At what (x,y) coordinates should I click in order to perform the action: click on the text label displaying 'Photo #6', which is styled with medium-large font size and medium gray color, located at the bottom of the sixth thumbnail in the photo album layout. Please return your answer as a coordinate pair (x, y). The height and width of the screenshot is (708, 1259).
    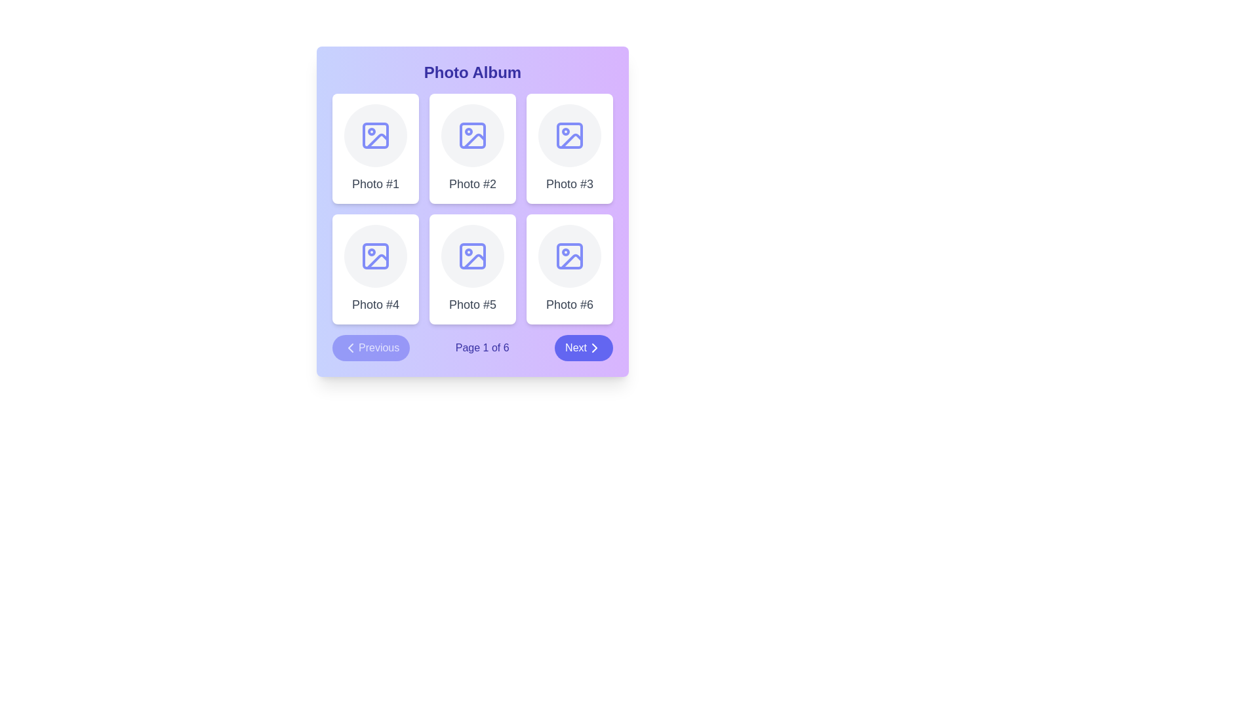
    Looking at the image, I should click on (569, 305).